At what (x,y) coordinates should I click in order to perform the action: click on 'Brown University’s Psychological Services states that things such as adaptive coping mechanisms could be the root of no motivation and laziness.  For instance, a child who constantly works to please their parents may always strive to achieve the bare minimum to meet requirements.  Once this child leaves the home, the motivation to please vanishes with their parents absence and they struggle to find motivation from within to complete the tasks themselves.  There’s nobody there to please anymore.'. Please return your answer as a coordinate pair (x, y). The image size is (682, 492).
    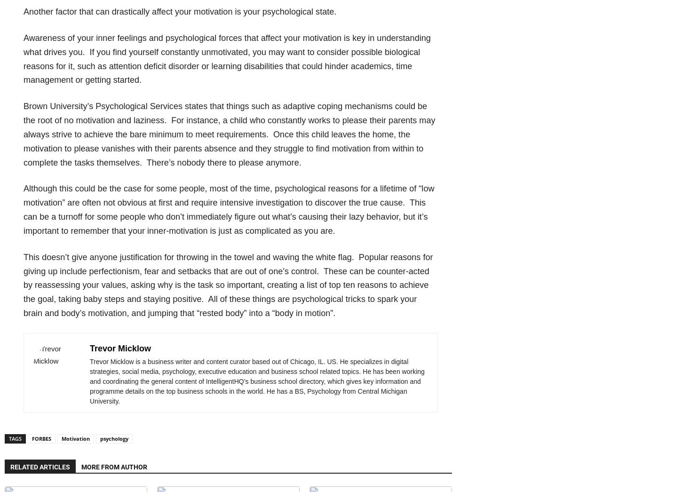
    Looking at the image, I should click on (229, 134).